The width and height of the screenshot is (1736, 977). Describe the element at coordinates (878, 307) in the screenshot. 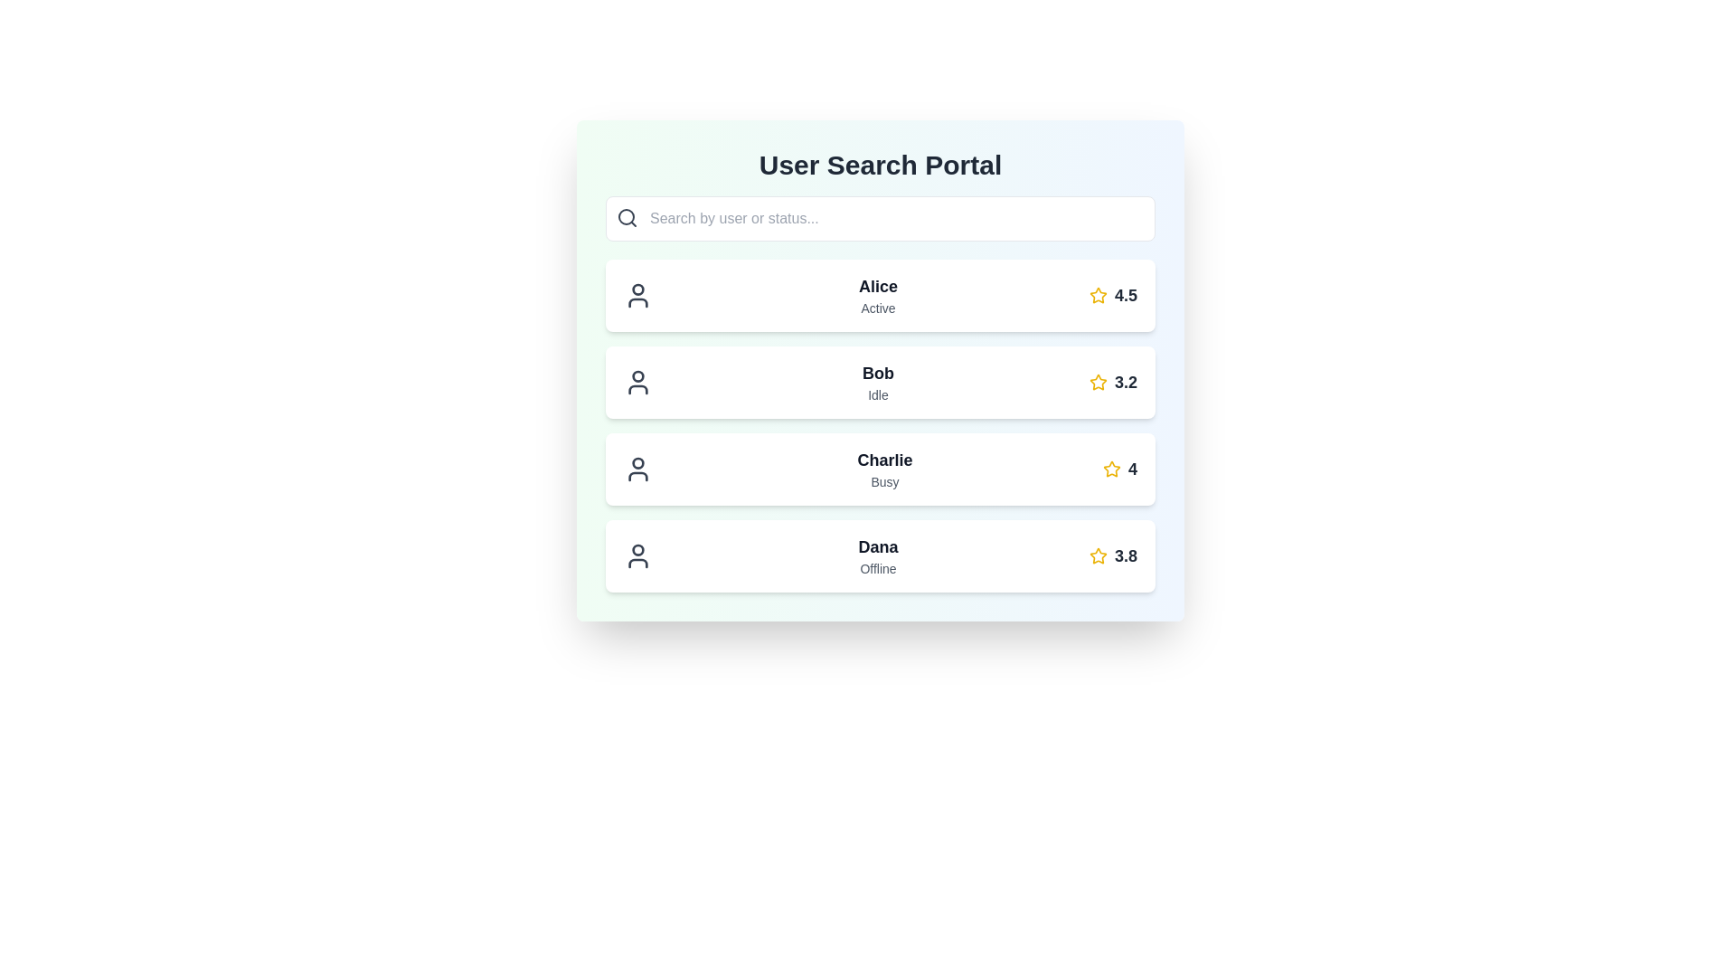

I see `text content of the 'Active' label located beneath the name 'Alice' in the user entries list` at that location.